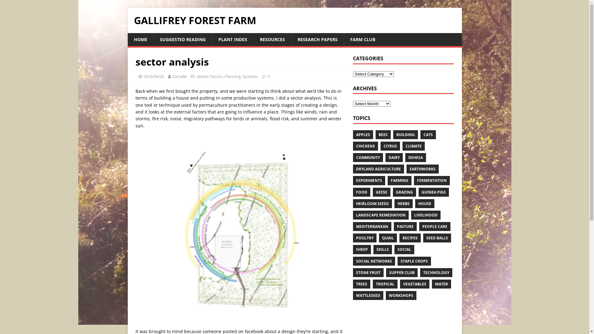  Describe the element at coordinates (373, 249) in the screenshot. I see `'SKILLS'` at that location.